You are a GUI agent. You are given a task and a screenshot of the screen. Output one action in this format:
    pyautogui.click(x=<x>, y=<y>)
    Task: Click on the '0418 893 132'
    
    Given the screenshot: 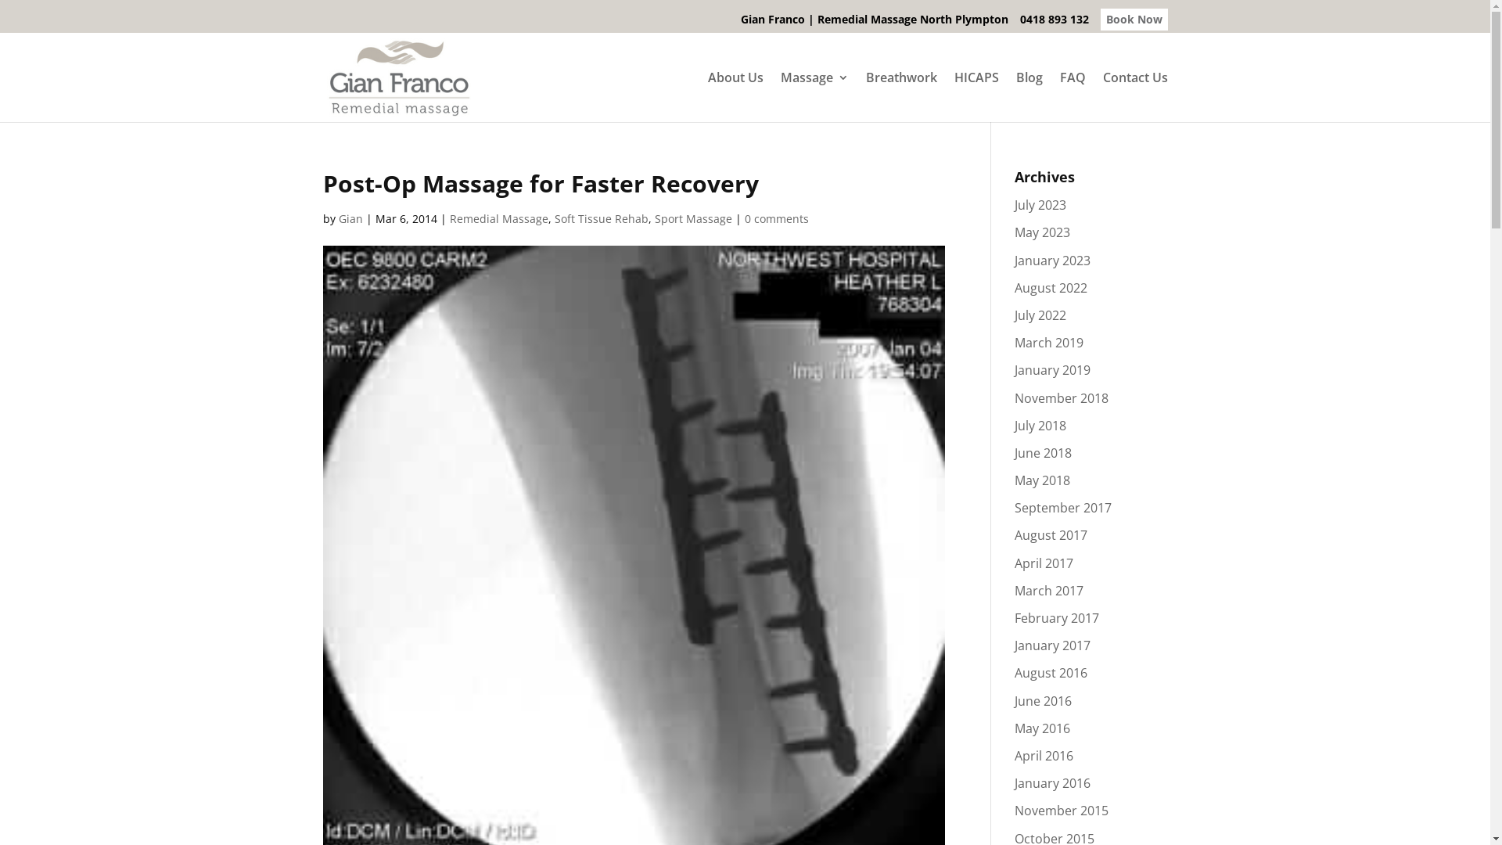 What is the action you would take?
    pyautogui.click(x=1020, y=23)
    